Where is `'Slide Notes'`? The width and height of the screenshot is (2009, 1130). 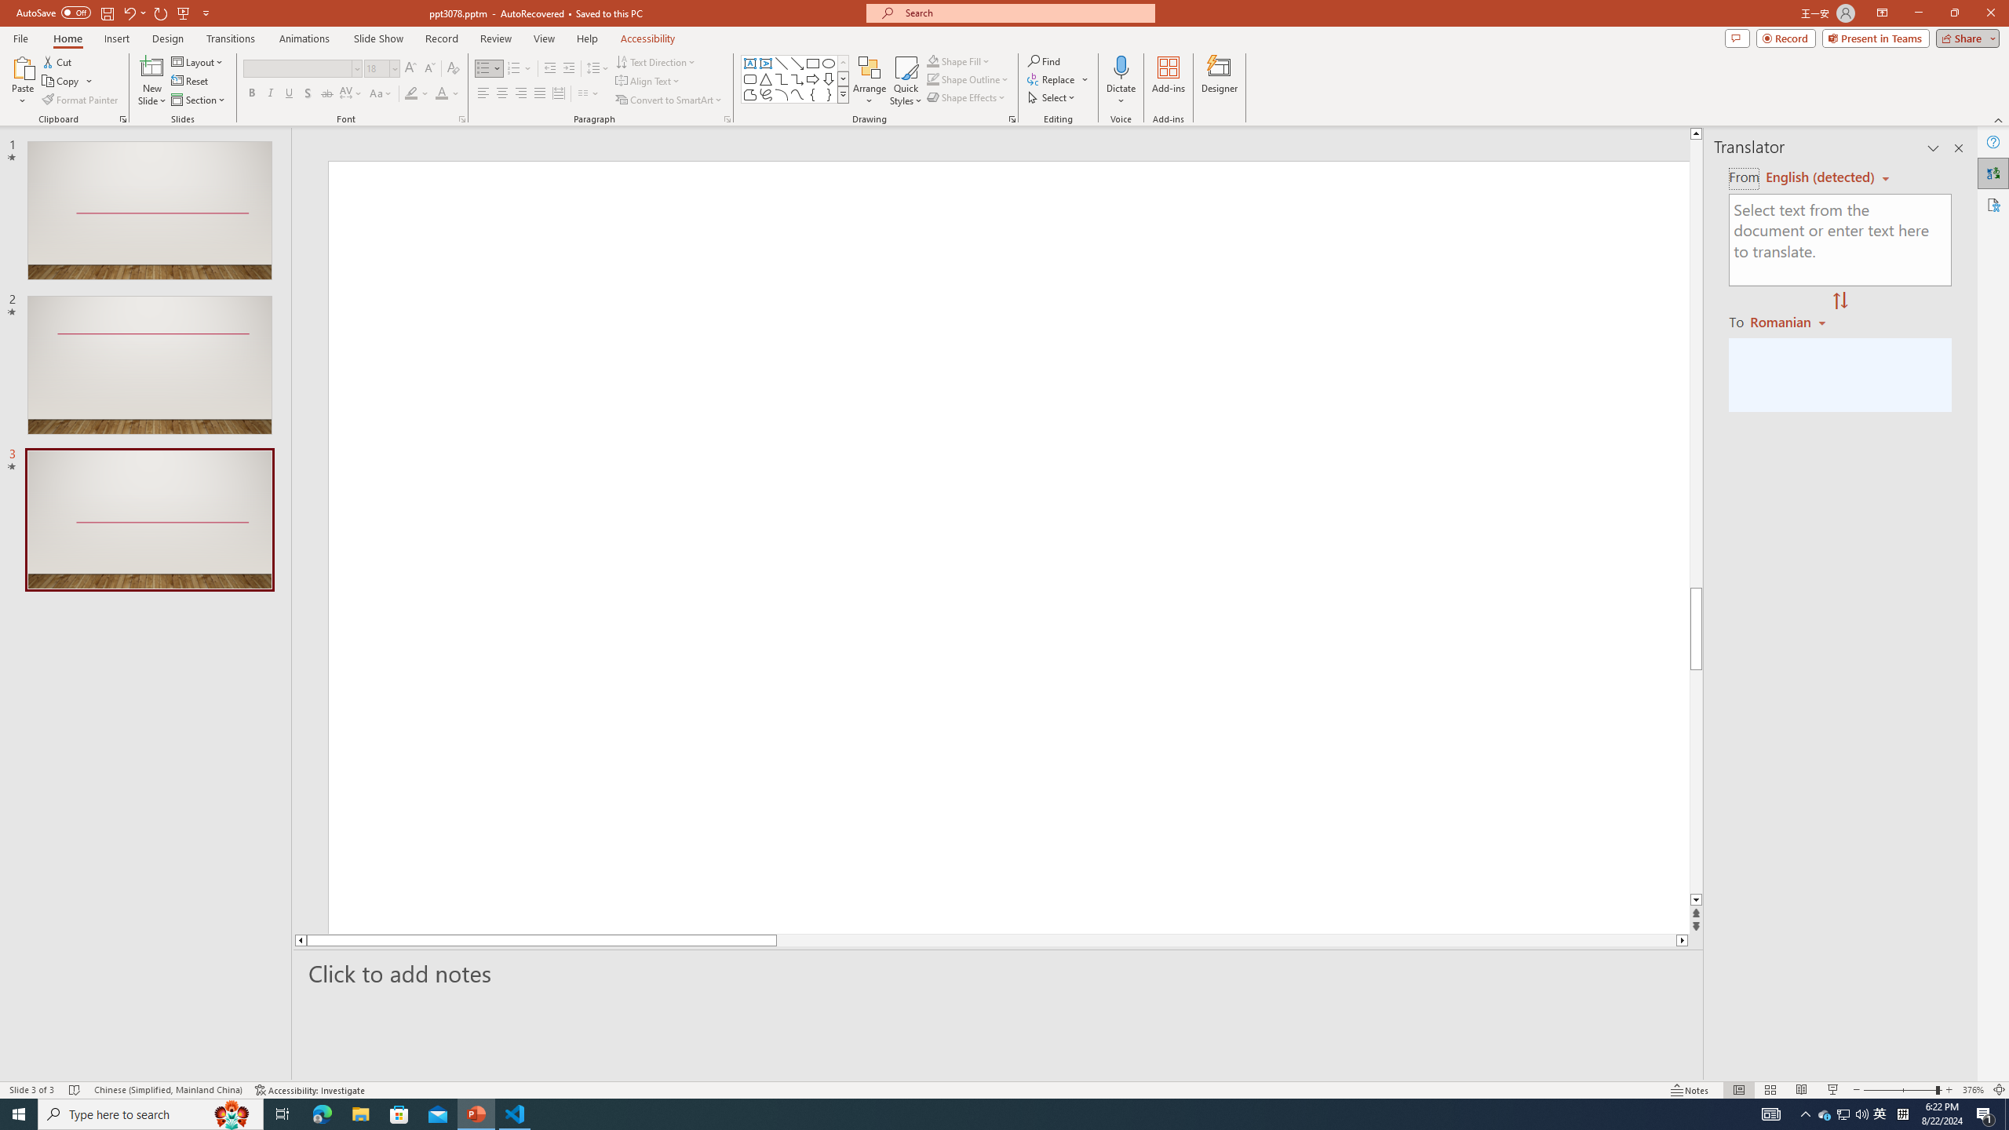 'Slide Notes' is located at coordinates (998, 973).